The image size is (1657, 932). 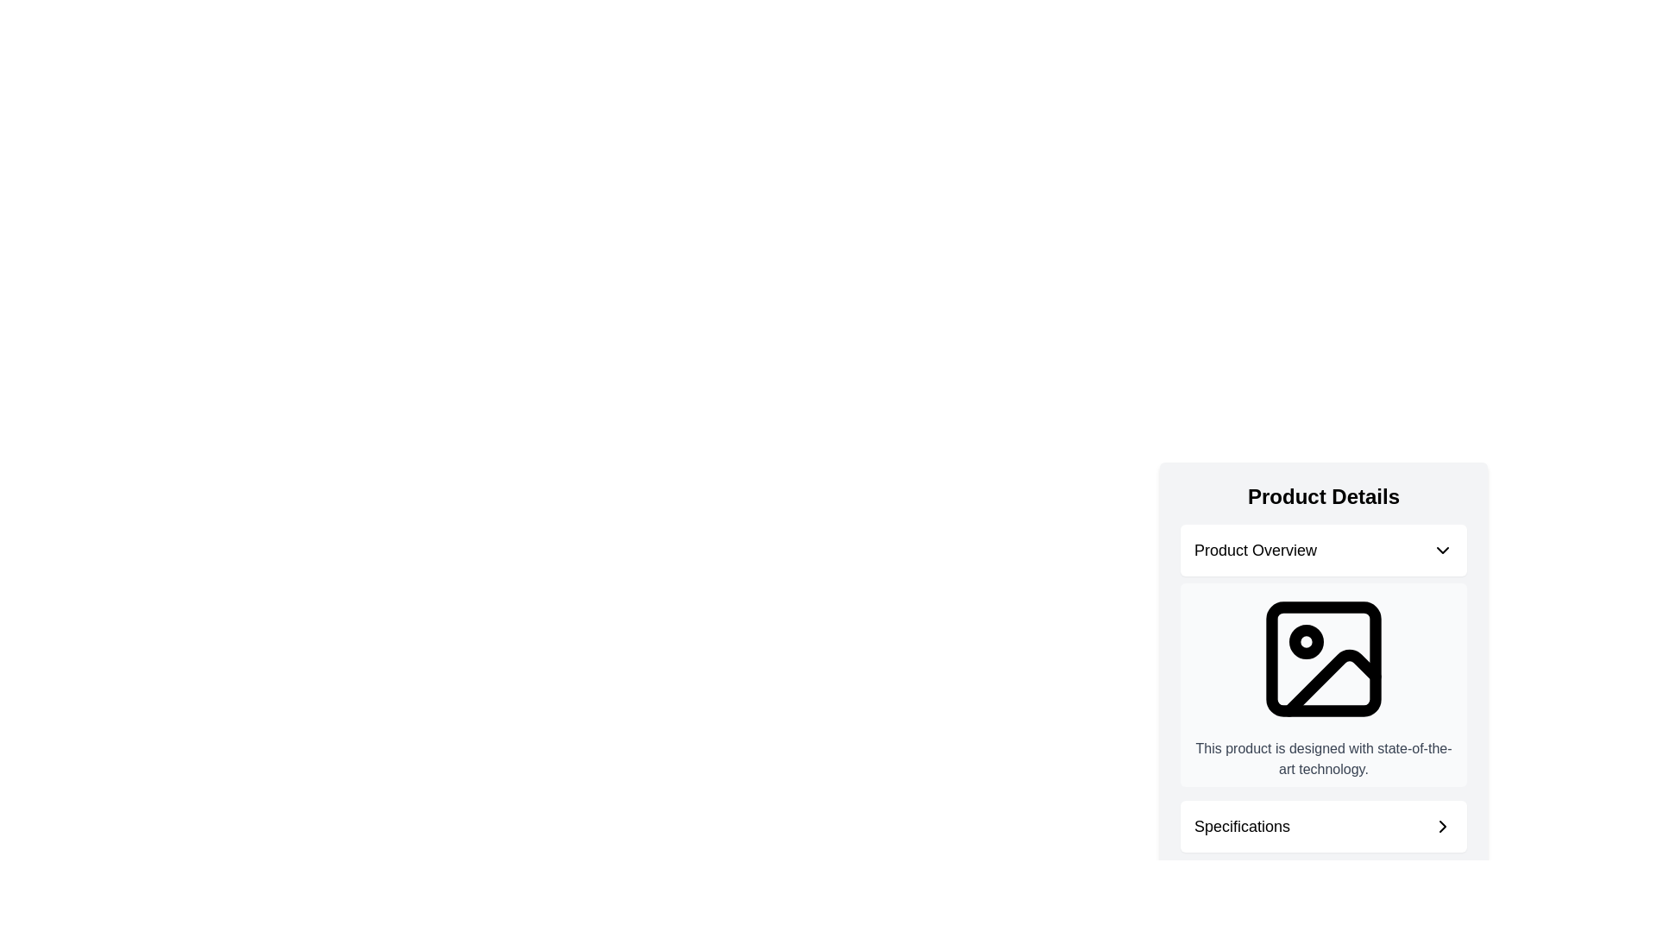 What do you see at coordinates (1323, 684) in the screenshot?
I see `the Composite component that combines an image icon and descriptive text in the 'Product Overview' section` at bounding box center [1323, 684].